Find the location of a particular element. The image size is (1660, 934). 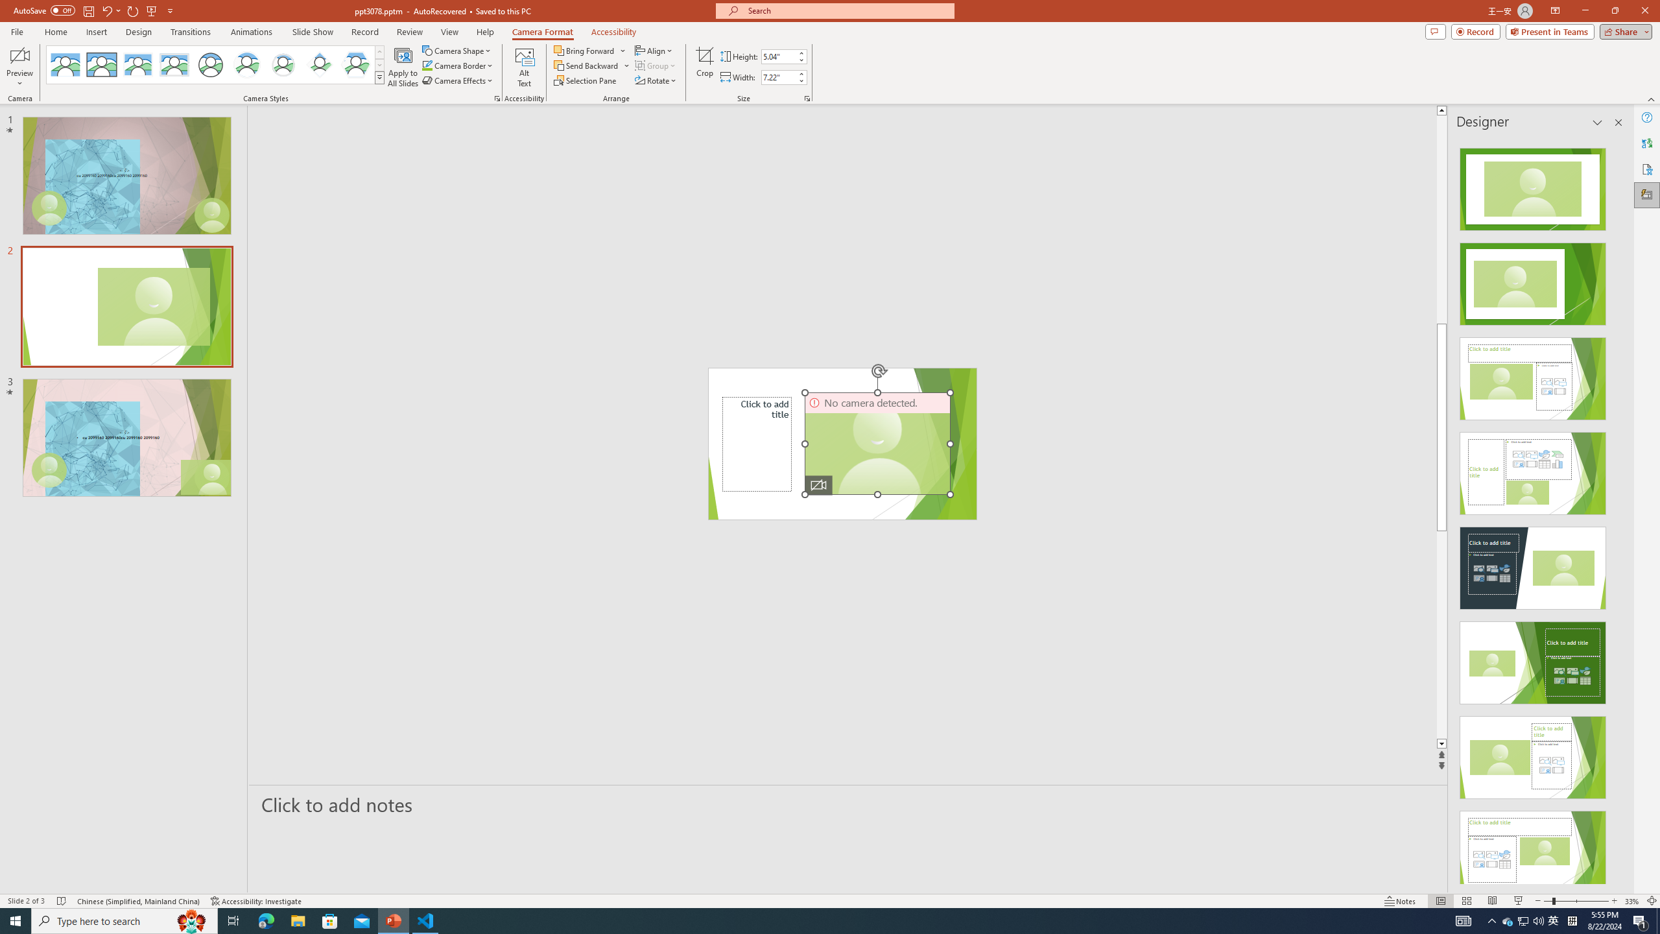

'Bring Forward' is located at coordinates (589, 50).